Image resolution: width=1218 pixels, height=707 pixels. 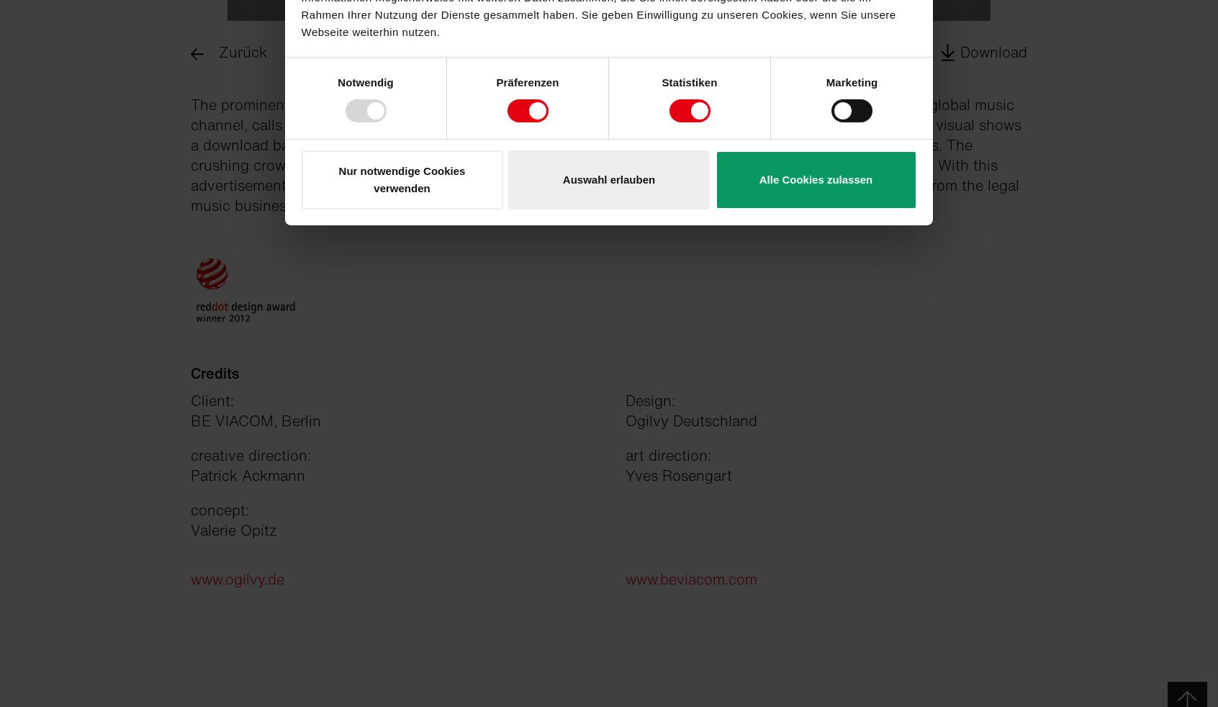 I want to click on 'Alle Cookies zulassen', so click(x=814, y=179).